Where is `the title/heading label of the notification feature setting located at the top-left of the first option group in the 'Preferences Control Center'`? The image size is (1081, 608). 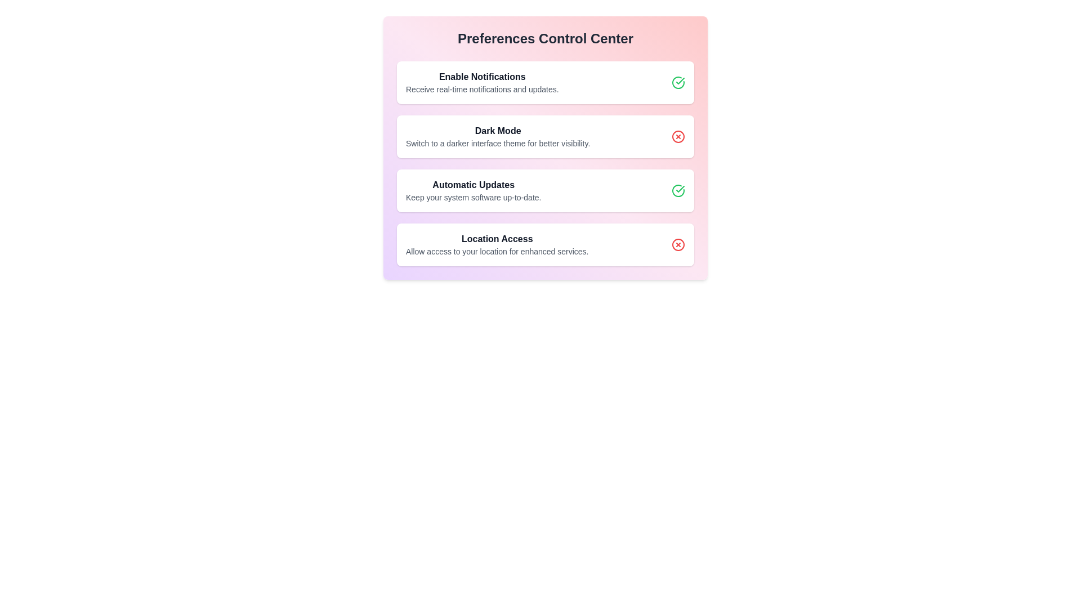
the title/heading label of the notification feature setting located at the top-left of the first option group in the 'Preferences Control Center' is located at coordinates (482, 77).